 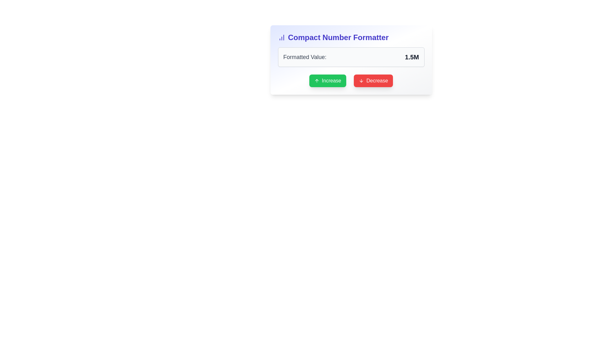 I want to click on the second button in a horizontal pair of buttons, located to the right of the green 'Increase' button, so click(x=373, y=80).